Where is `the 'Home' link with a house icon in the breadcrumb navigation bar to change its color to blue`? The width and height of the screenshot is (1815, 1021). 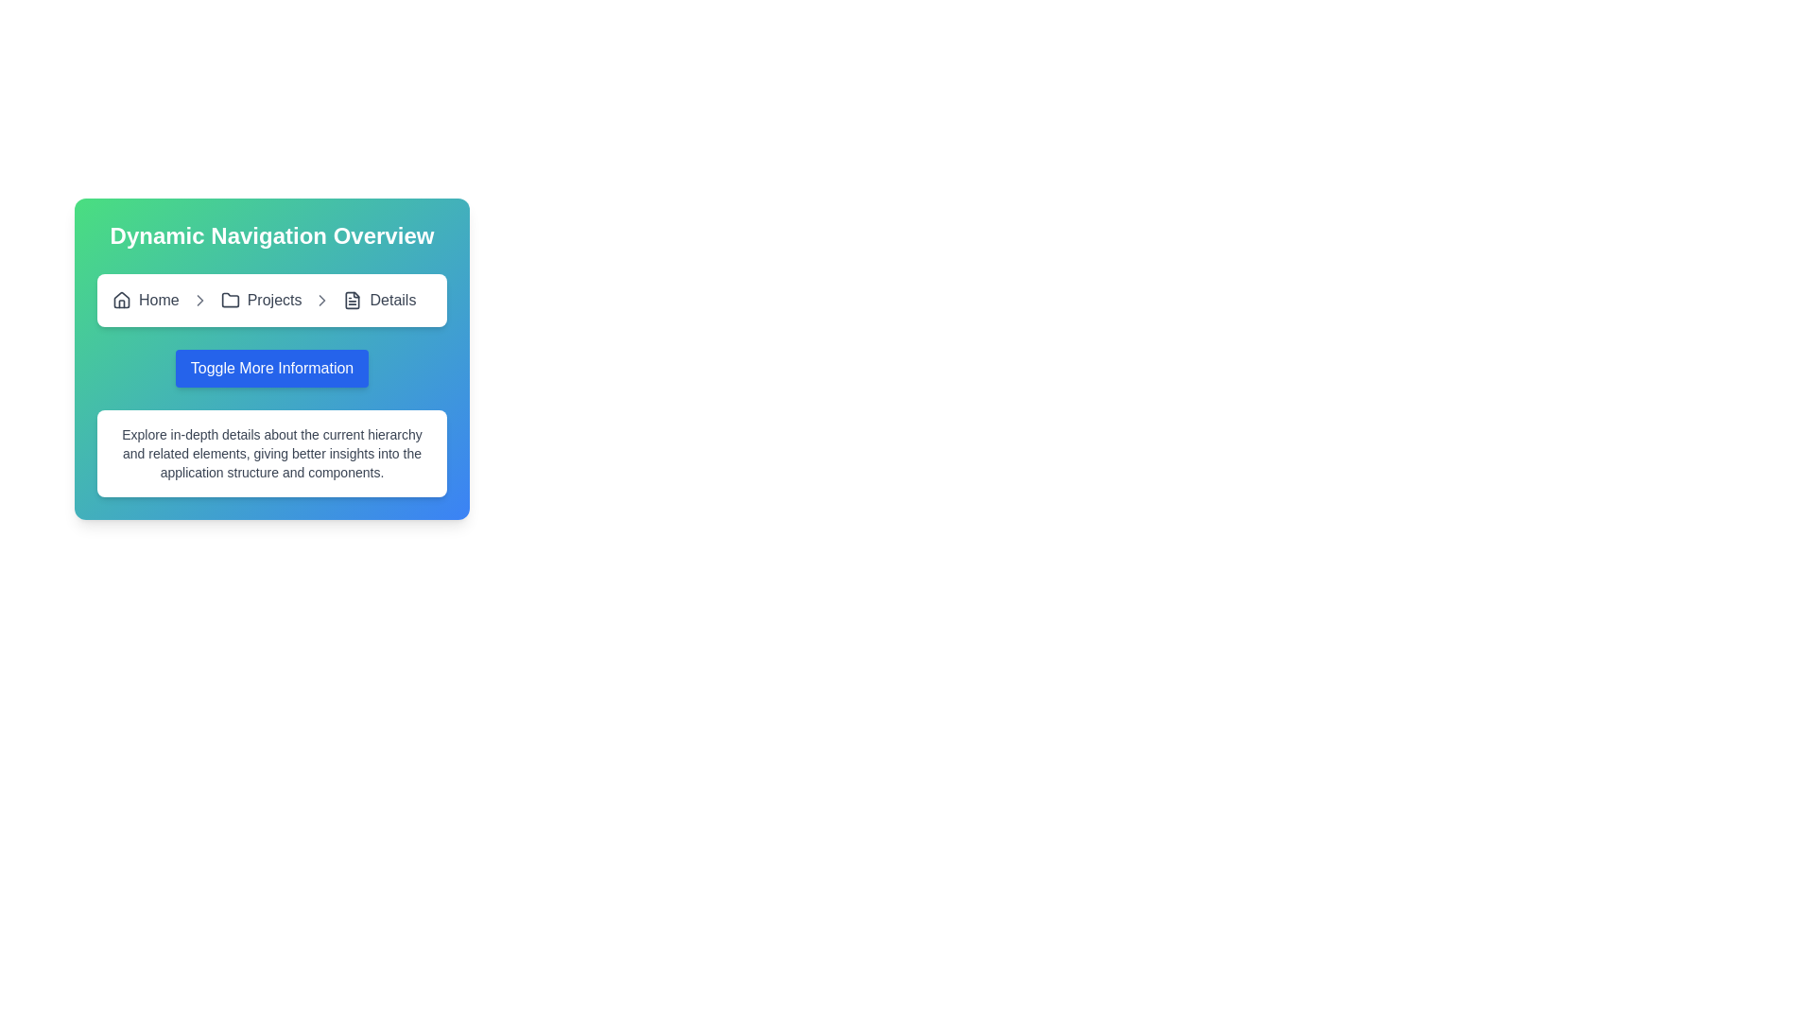
the 'Home' link with a house icon in the breadcrumb navigation bar to change its color to blue is located at coordinates (145, 299).